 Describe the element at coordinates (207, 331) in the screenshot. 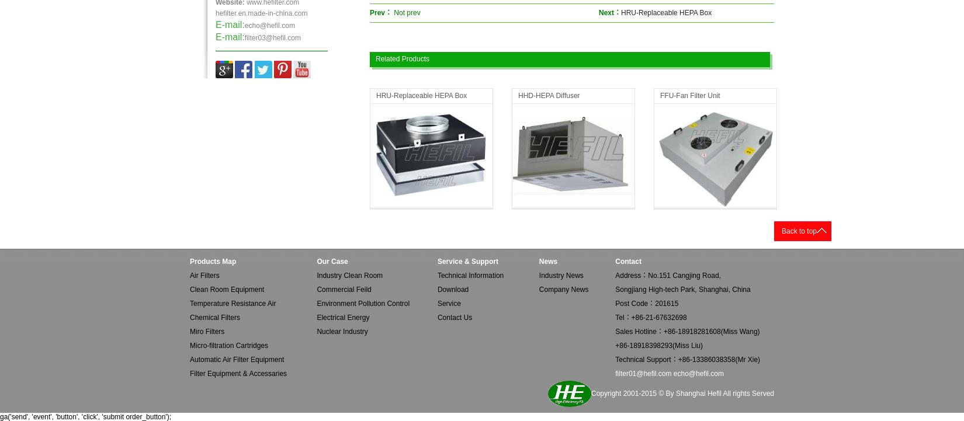

I see `'Miro Filters'` at that location.